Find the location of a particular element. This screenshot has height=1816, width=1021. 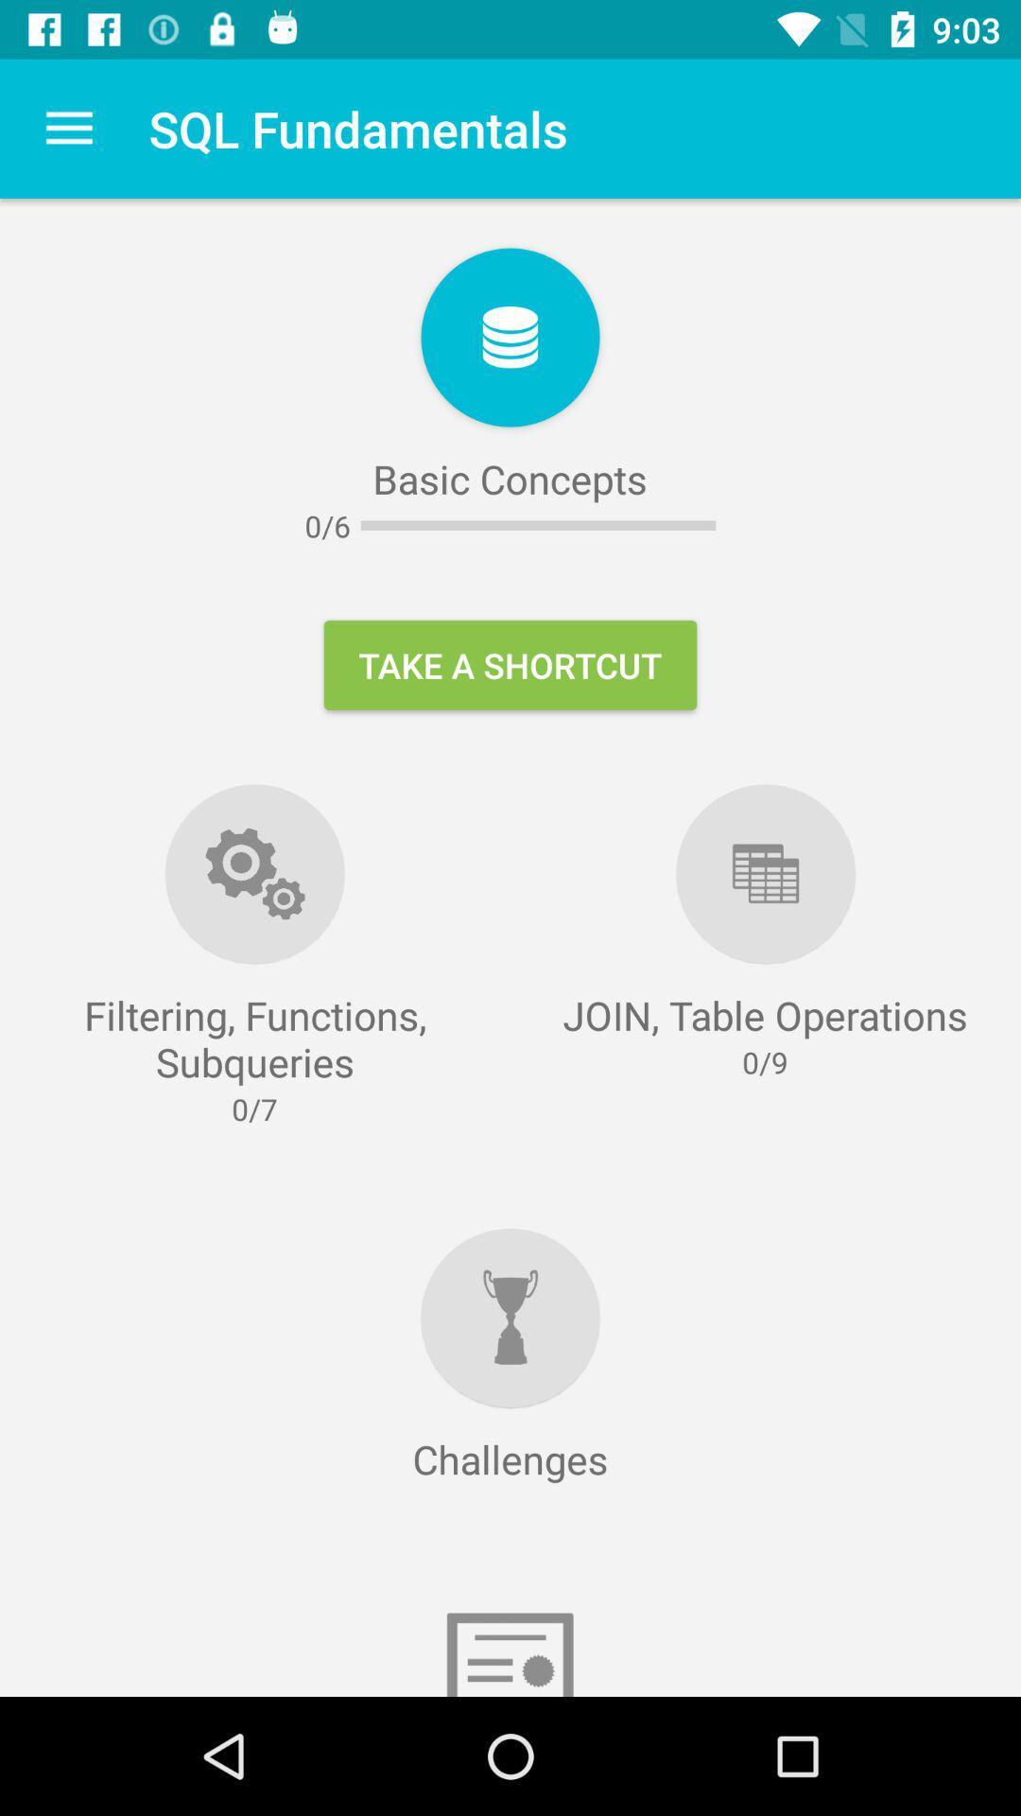

the take a shortcut is located at coordinates (510, 665).